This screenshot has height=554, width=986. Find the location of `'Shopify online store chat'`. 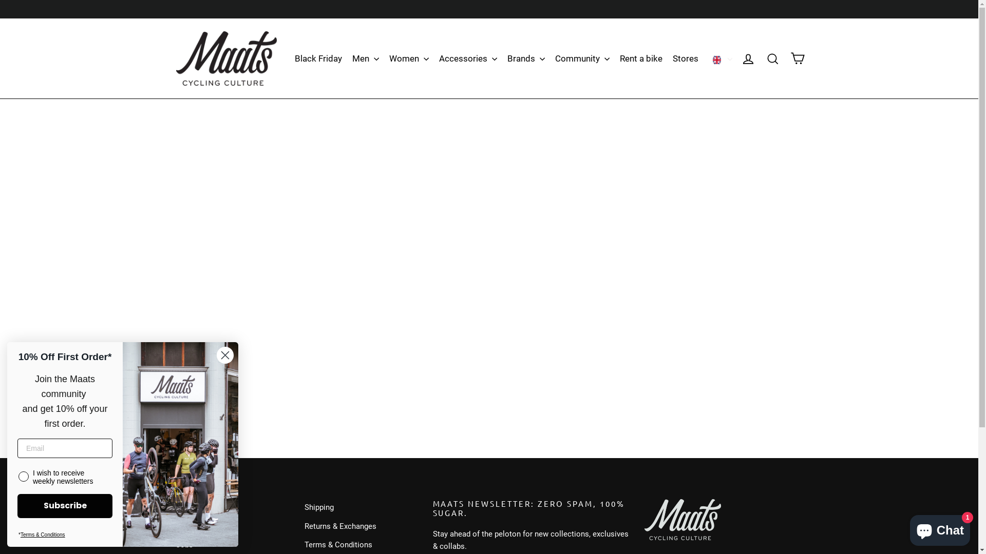

'Shopify online store chat' is located at coordinates (940, 528).